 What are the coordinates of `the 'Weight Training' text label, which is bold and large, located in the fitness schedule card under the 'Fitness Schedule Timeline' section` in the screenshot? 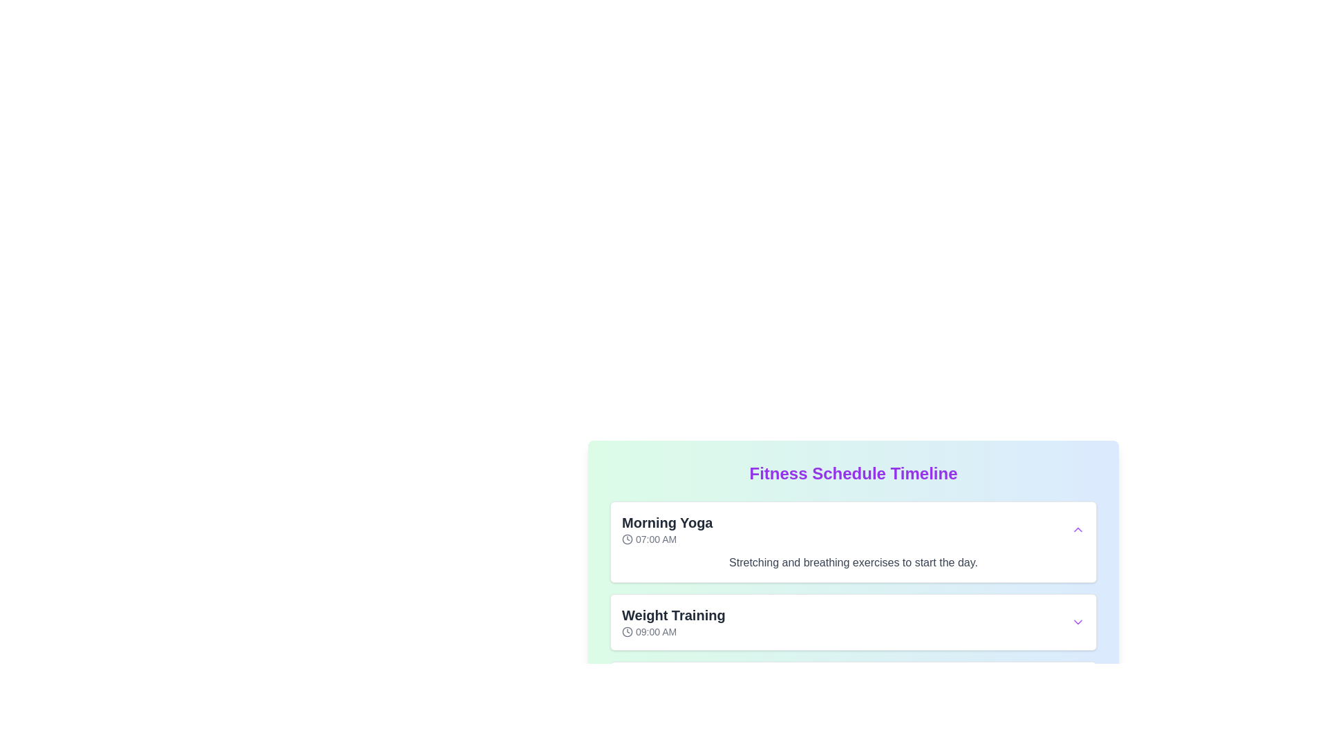 It's located at (673, 615).